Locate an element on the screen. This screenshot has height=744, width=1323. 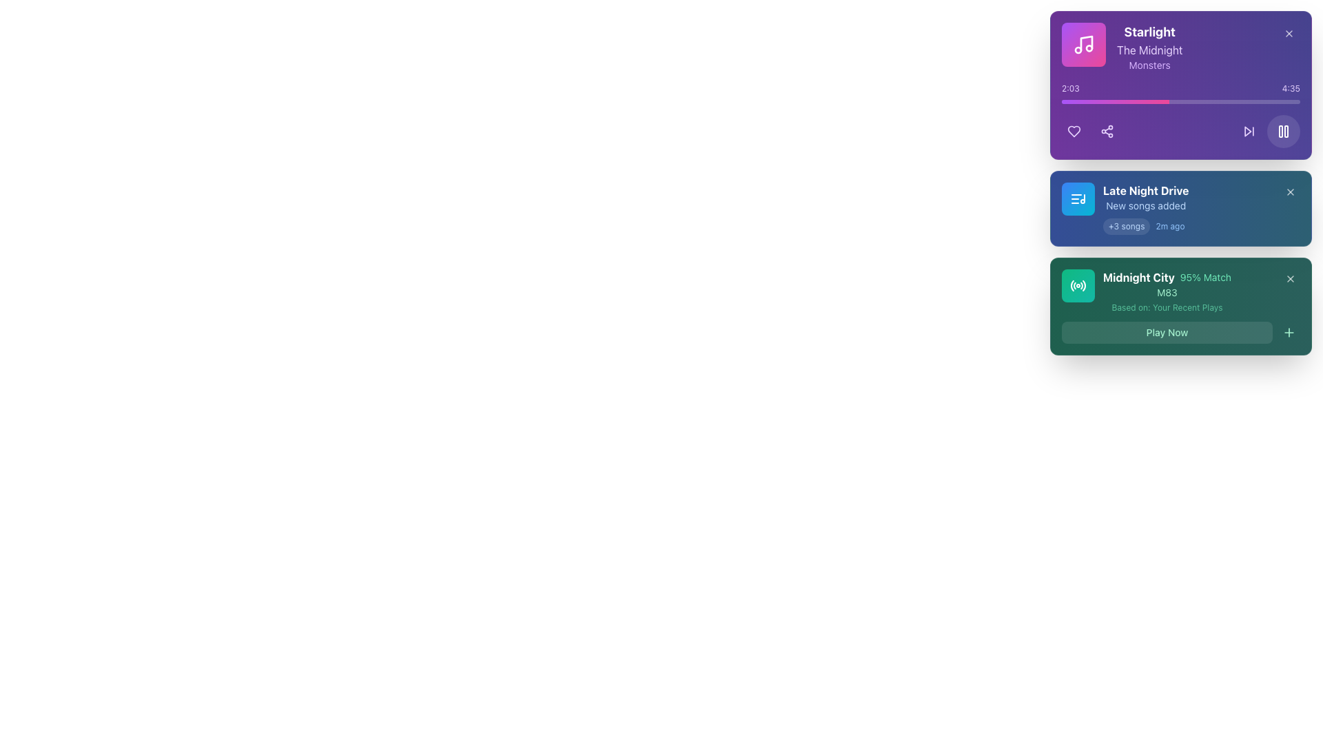
the rounded square icon with a gradient background and a white radio wave symbol, located at the top-left corner of the 'Midnight City' card in the vertical stack of cards is located at coordinates (1077, 285).